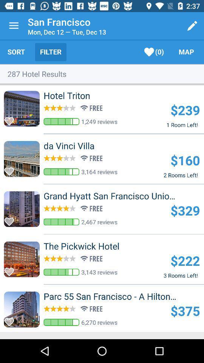 This screenshot has height=363, width=204. Describe the element at coordinates (185, 261) in the screenshot. I see `the $222 item` at that location.